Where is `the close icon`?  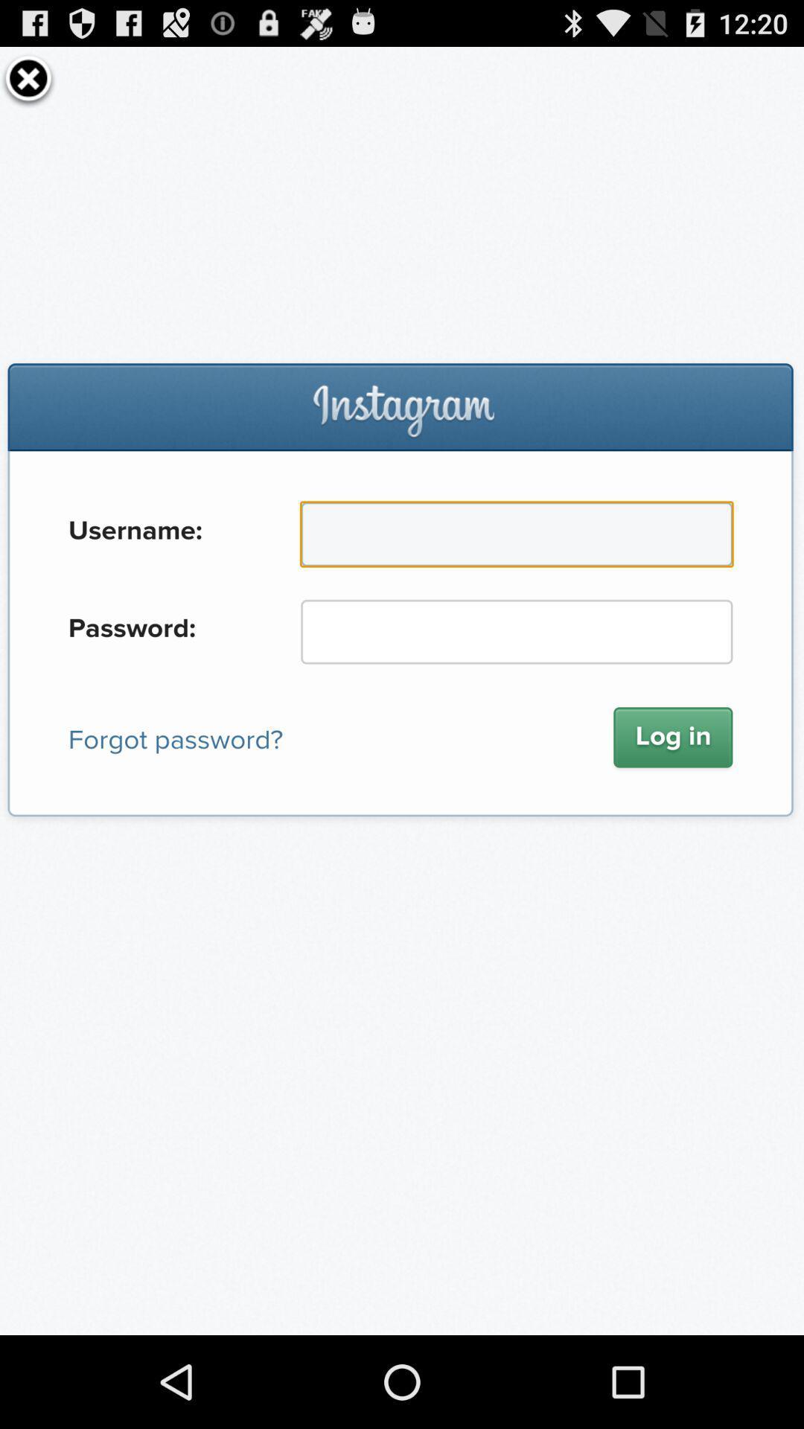 the close icon is located at coordinates (28, 83).